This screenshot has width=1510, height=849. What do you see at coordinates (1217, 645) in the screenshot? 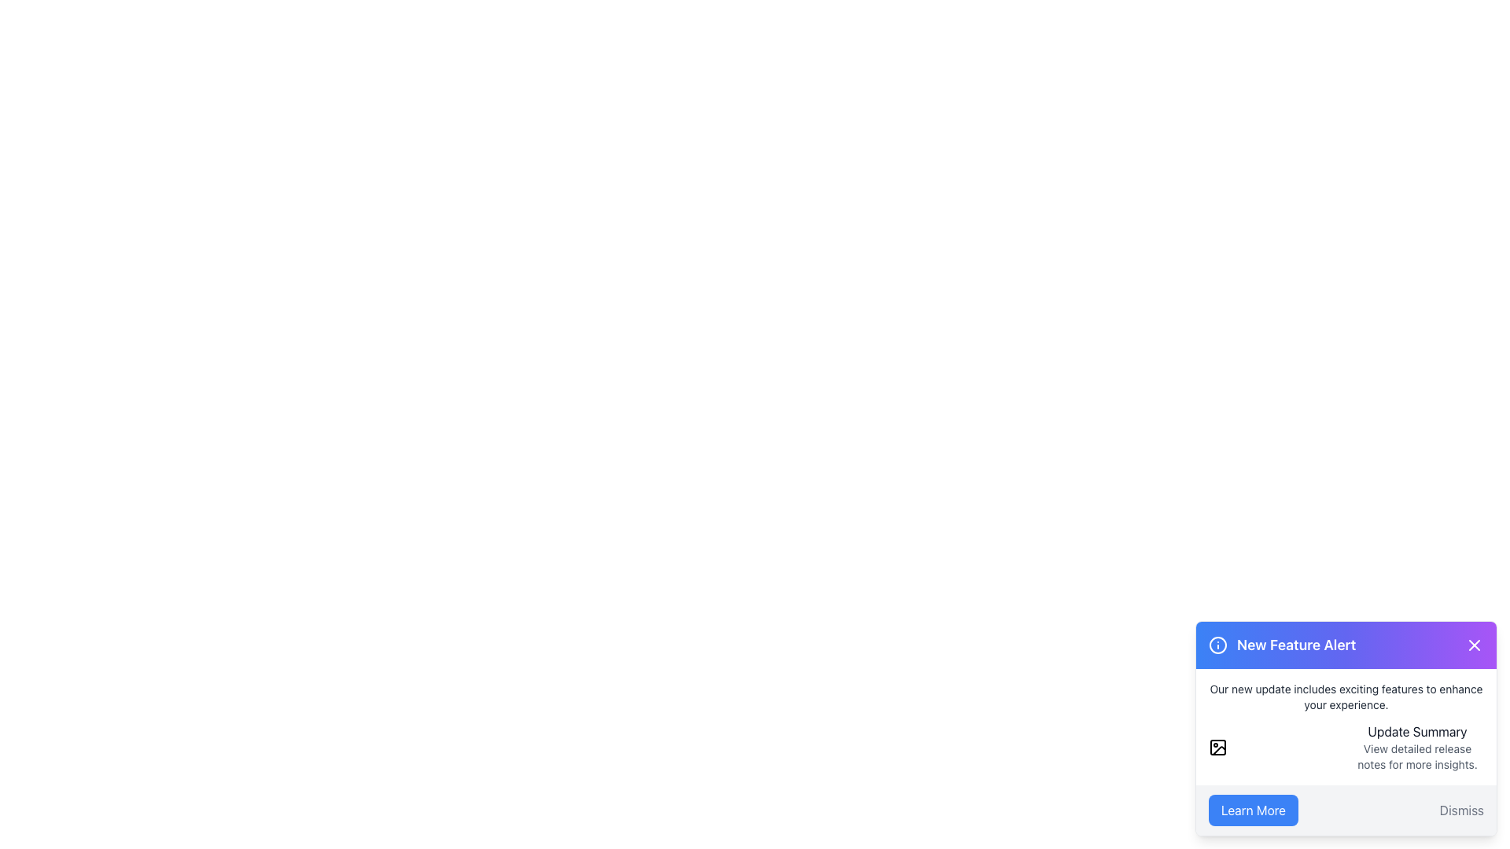
I see `the circular icon with a bordered outline and gradient background, located to the left of the 'New Feature Alert' text` at bounding box center [1217, 645].